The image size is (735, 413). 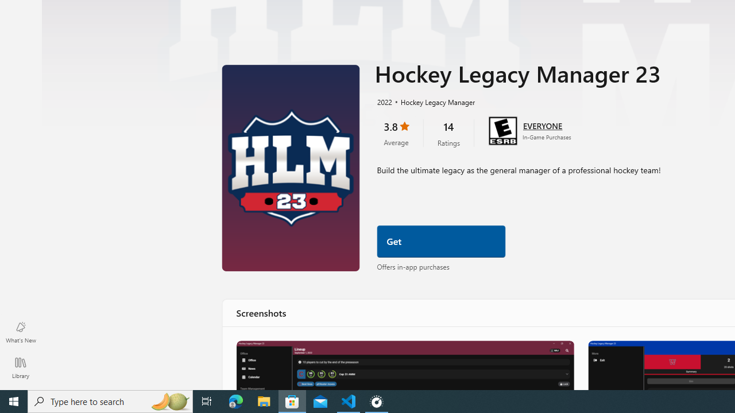 I want to click on 'What', so click(x=20, y=332).